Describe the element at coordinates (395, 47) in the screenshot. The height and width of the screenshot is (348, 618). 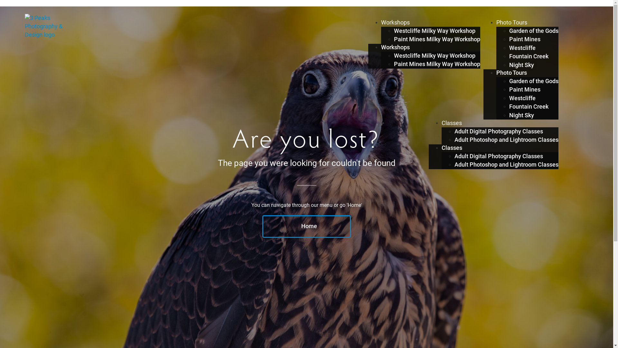
I see `'Workshops'` at that location.